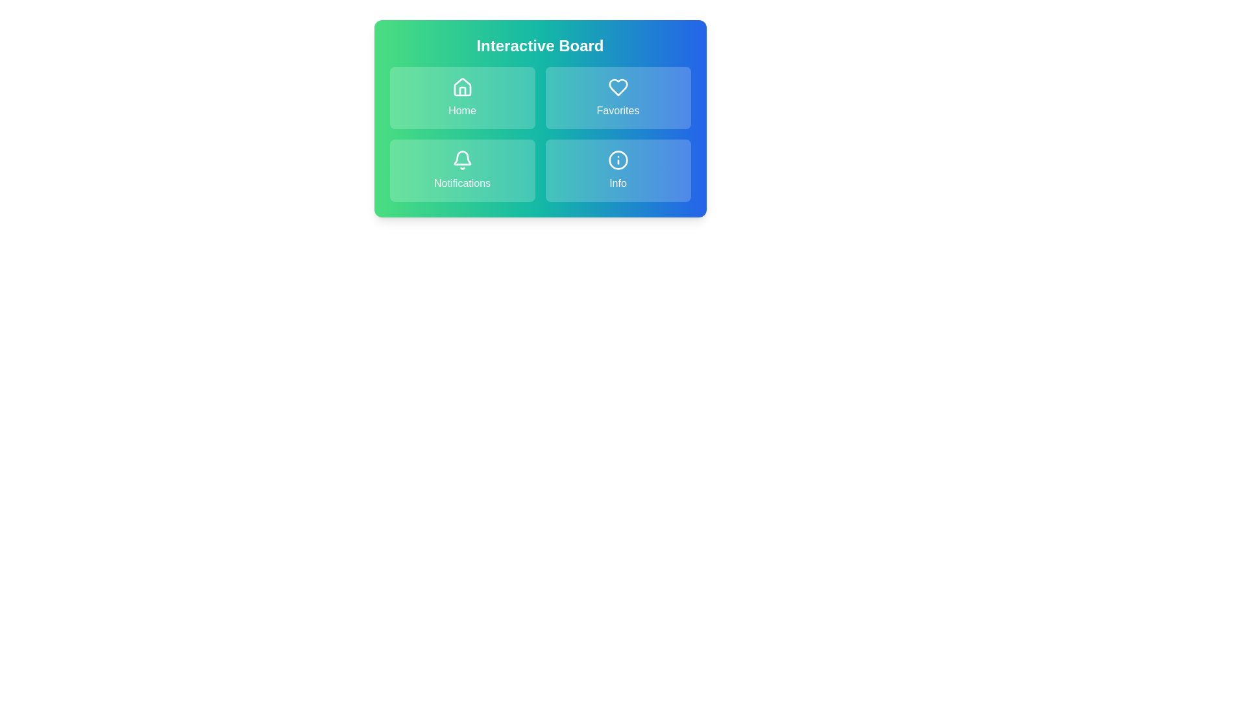  I want to click on the 'Favorites' button, so click(617, 73).